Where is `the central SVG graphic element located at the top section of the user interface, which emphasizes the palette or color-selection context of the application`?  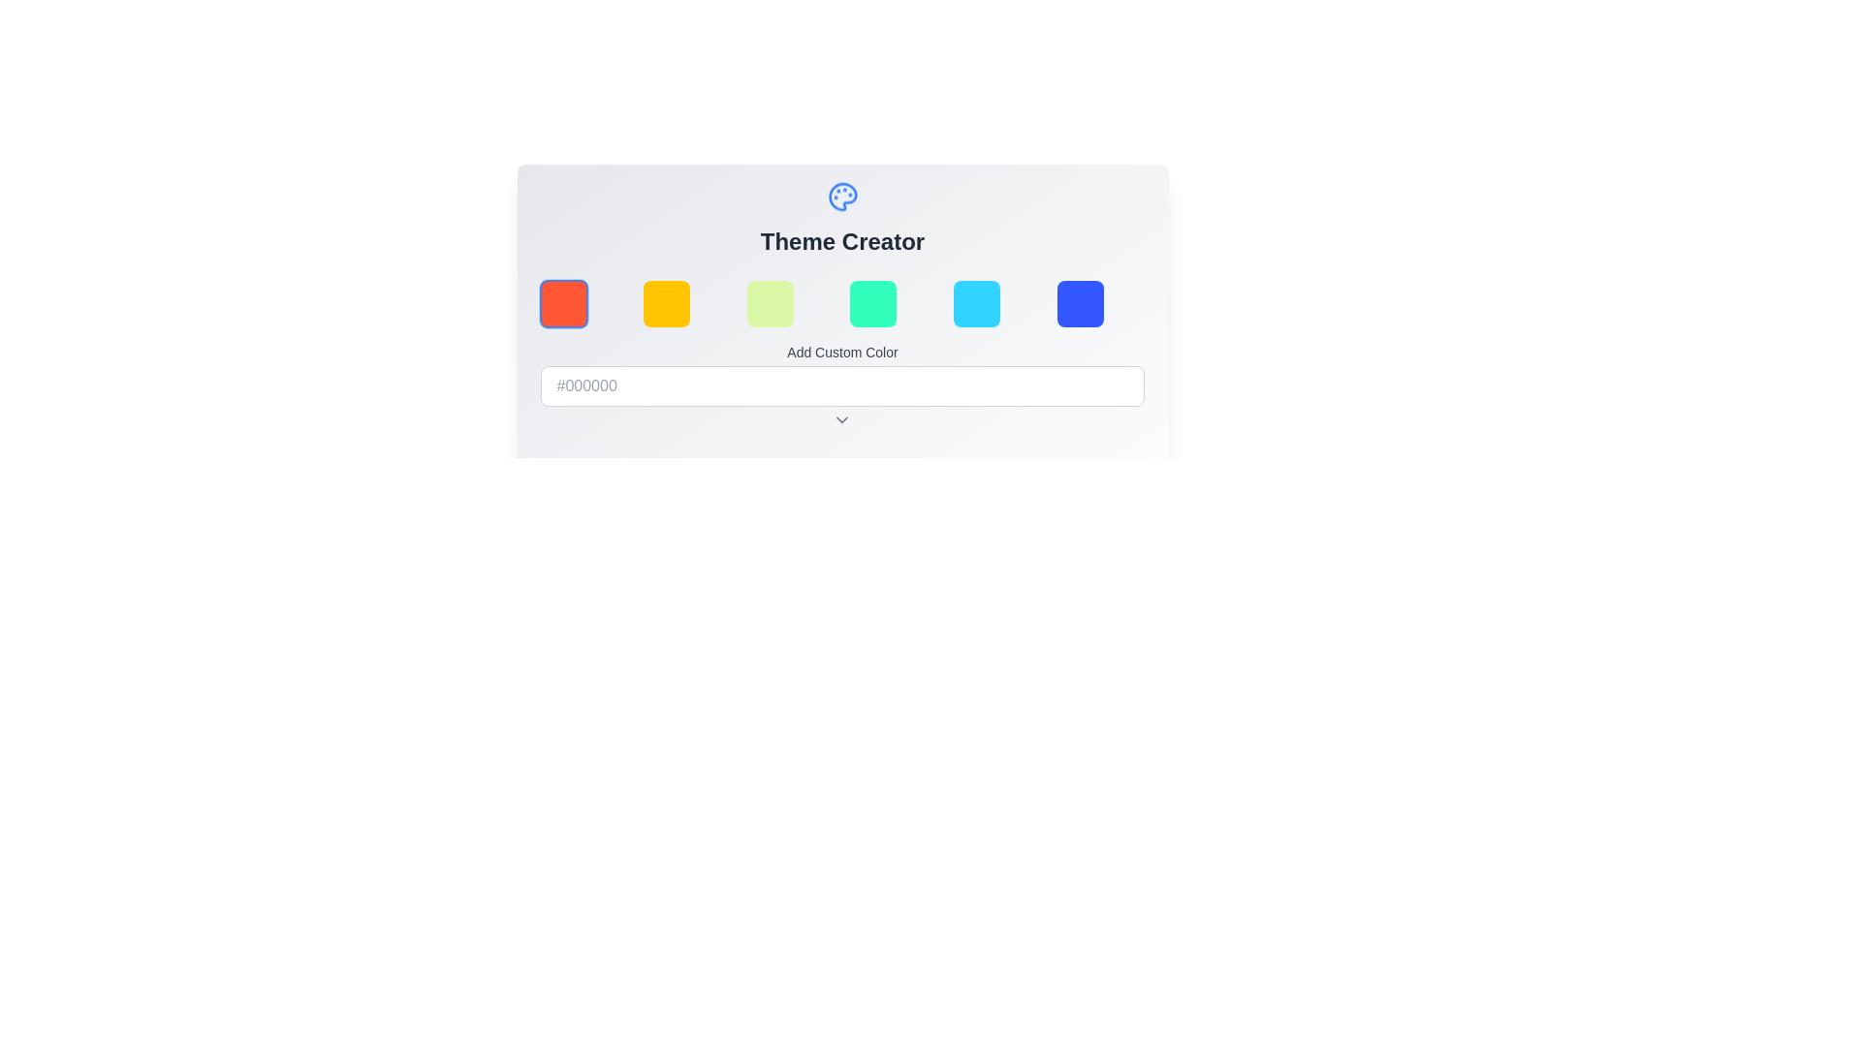 the central SVG graphic element located at the top section of the user interface, which emphasizes the palette or color-selection context of the application is located at coordinates (842, 198).